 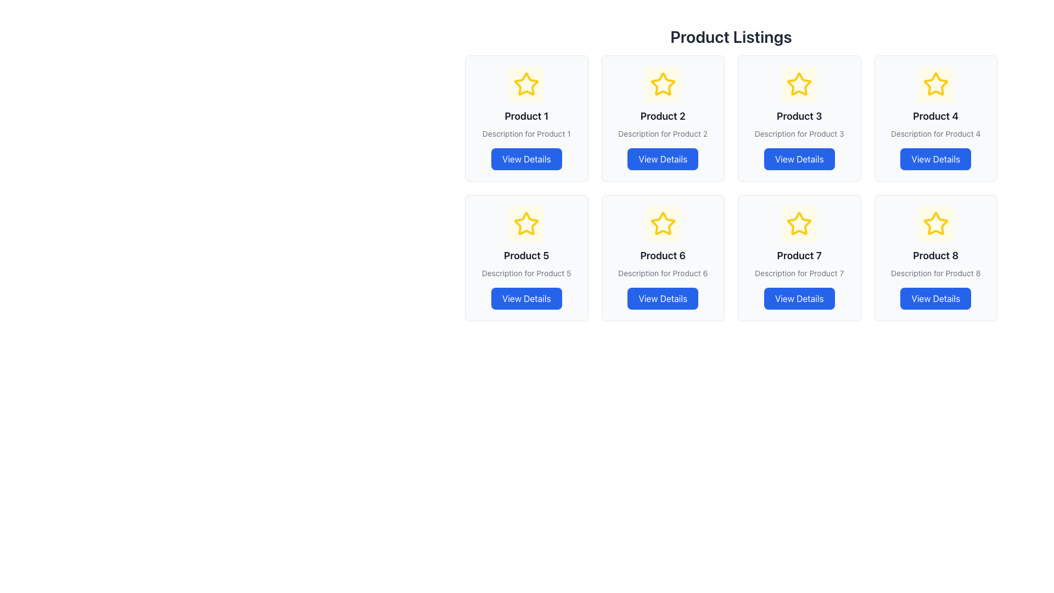 What do you see at coordinates (662, 116) in the screenshot?
I see `text element that names the product as 'Product 2', which is the second text element in the card layout` at bounding box center [662, 116].